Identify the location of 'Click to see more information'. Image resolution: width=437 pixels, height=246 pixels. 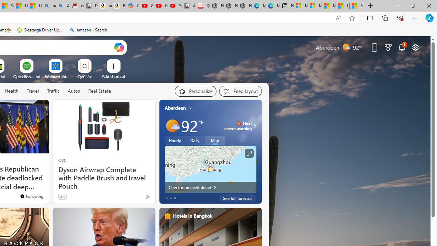
(248, 153).